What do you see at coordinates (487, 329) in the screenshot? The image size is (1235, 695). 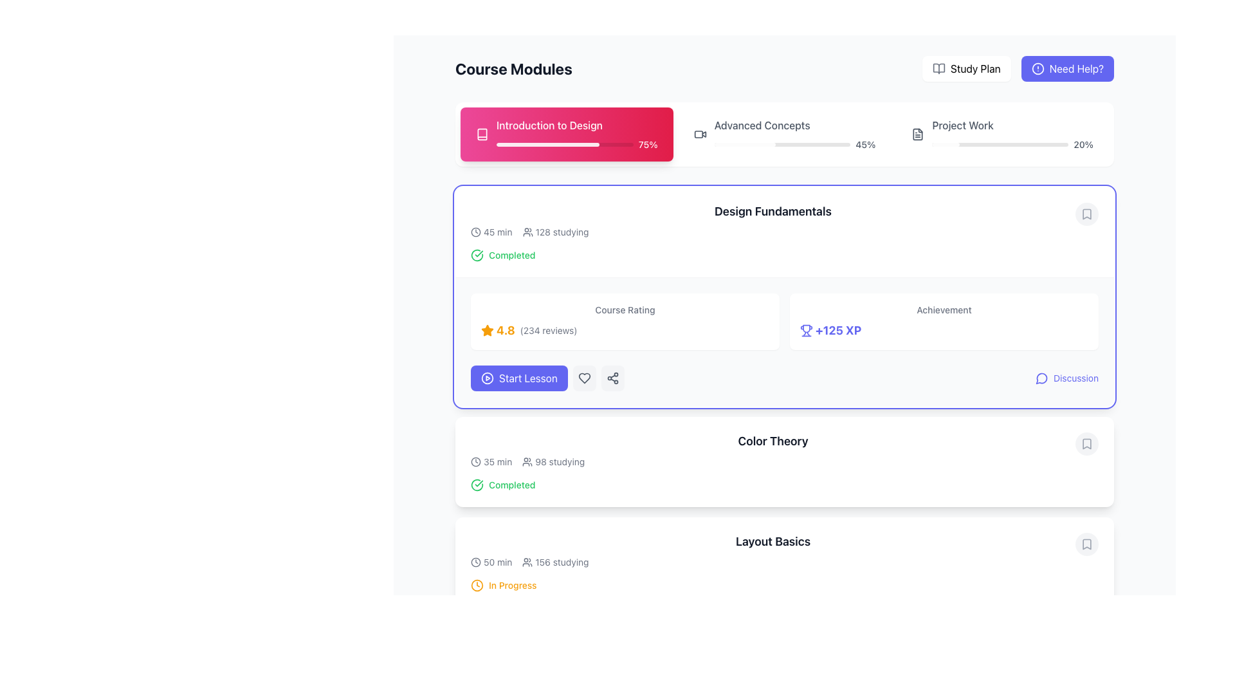 I see `the rating meaning by interacting with the star-shaped icon in the 'Course Rating' section of the 'Design Fundamentals' course card, which is filled in yellow or gold and indicates a rating or favorite symbol` at bounding box center [487, 329].